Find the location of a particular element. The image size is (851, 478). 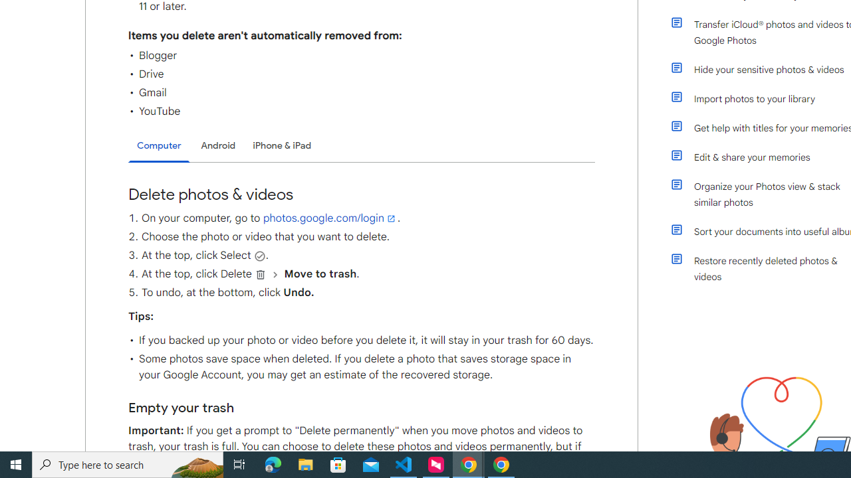

'Computer' is located at coordinates (159, 146).